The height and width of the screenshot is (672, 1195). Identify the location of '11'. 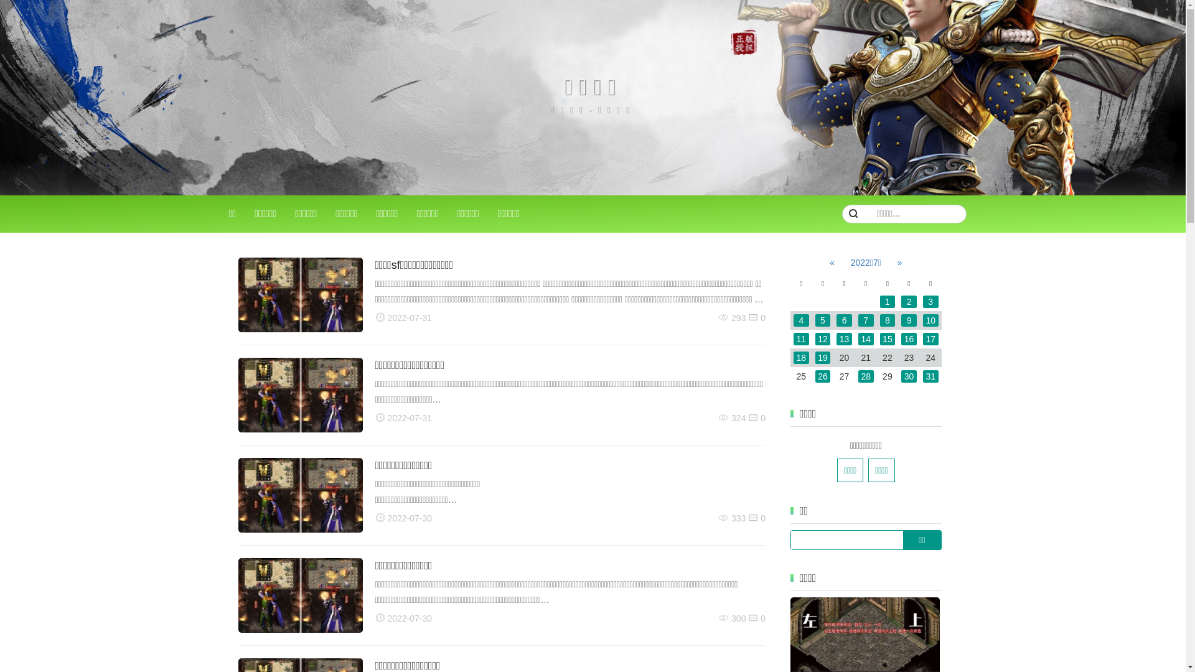
(793, 338).